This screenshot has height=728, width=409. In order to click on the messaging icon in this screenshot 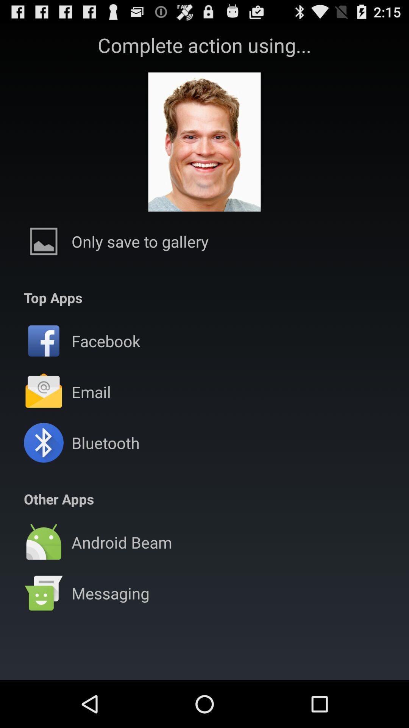, I will do `click(110, 593)`.